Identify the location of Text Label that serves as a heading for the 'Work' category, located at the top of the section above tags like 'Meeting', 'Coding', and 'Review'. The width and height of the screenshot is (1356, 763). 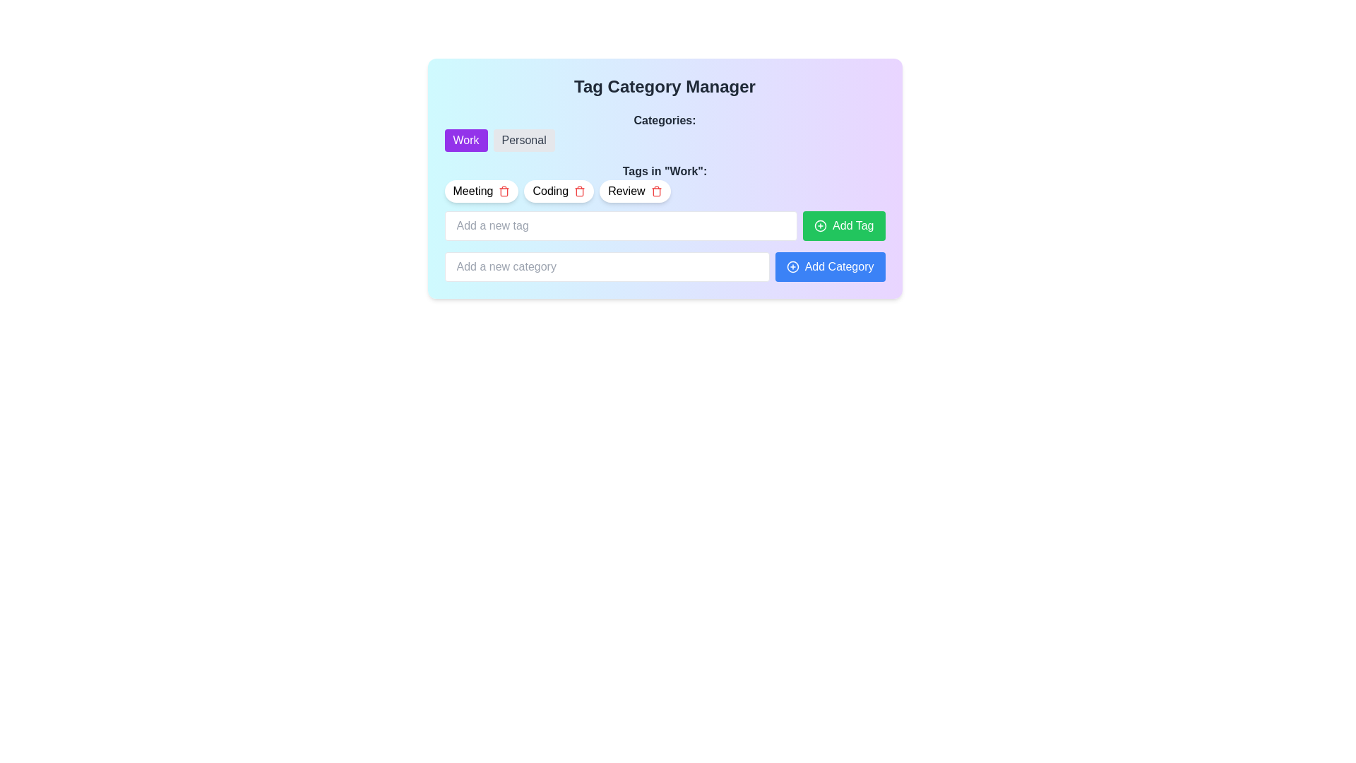
(664, 171).